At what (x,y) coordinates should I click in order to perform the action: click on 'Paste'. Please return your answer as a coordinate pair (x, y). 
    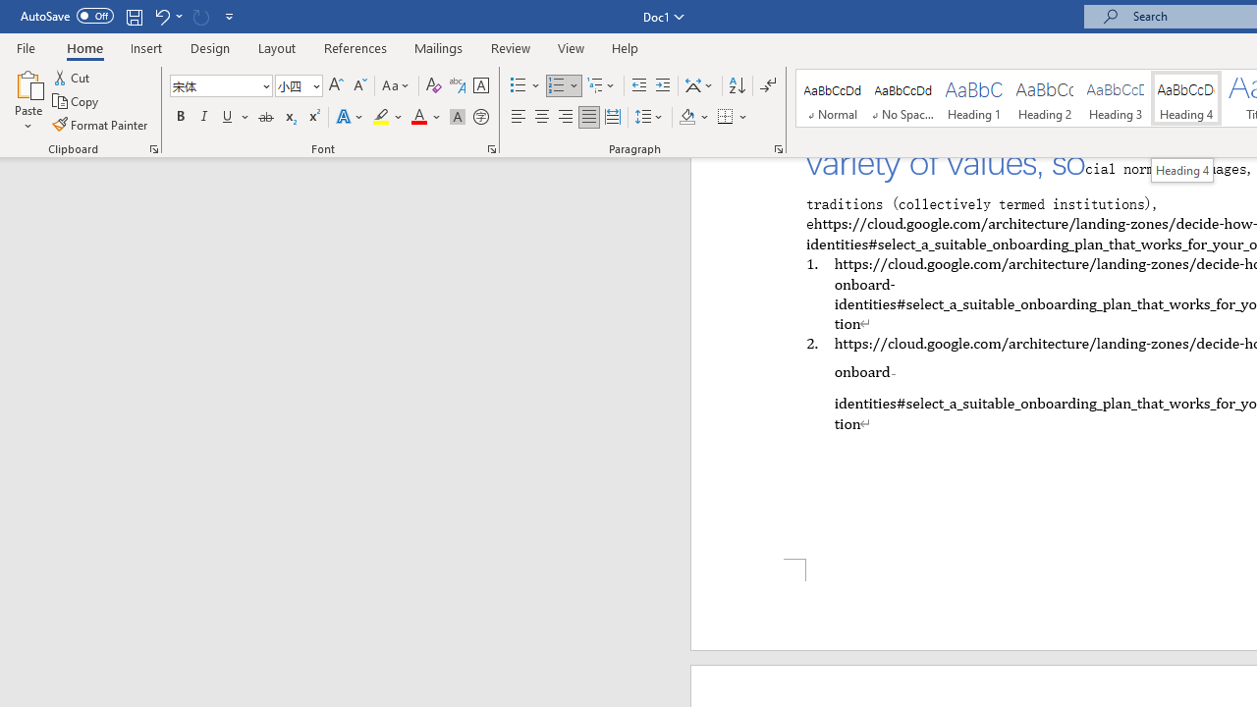
    Looking at the image, I should click on (27, 101).